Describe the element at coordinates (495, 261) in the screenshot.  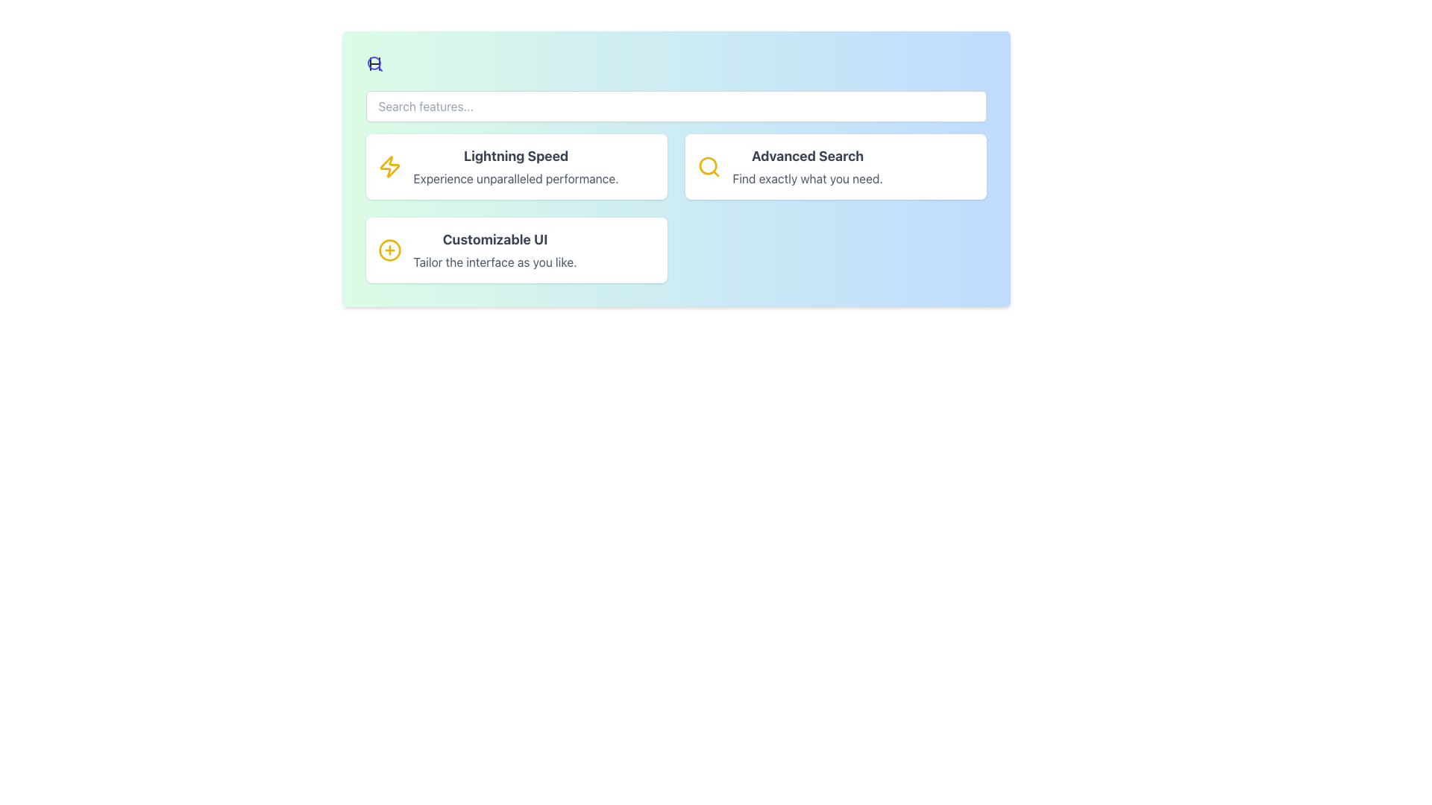
I see `the text element that reads 'Tailor the interface as you like.' which is styled in gray and positioned beneath the heading 'Customizable UI.'` at that location.